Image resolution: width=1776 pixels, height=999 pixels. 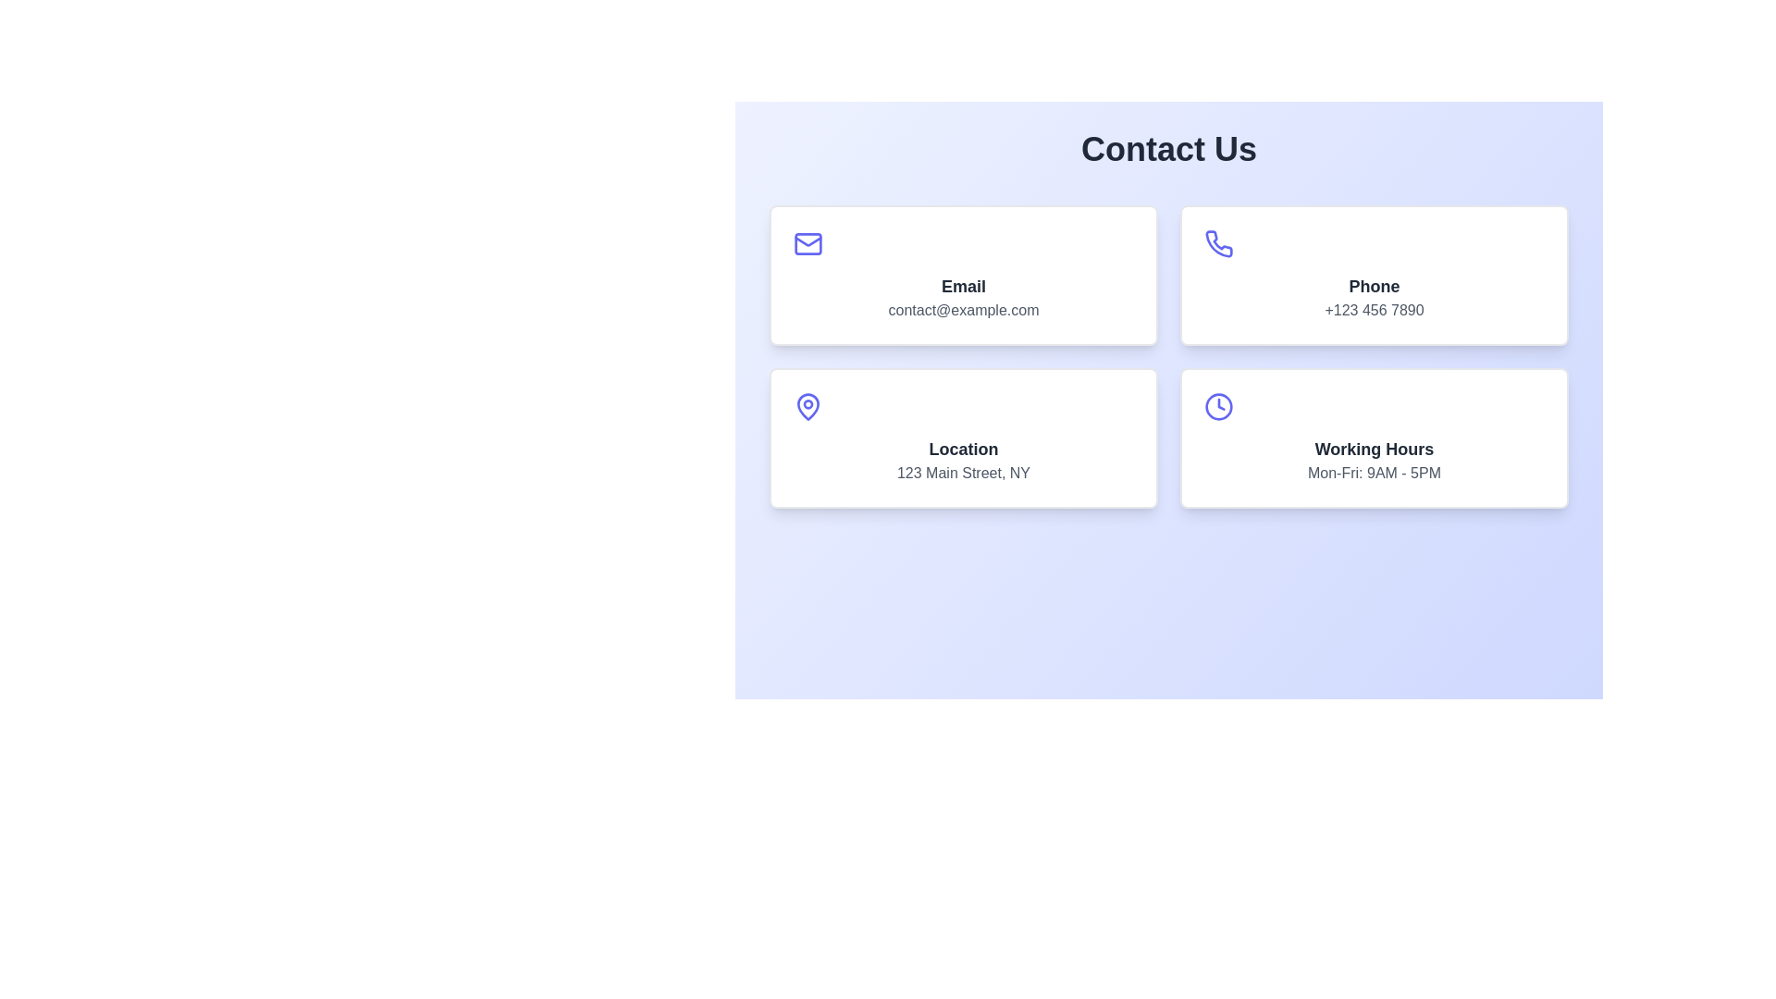 I want to click on the email communication icon located within the 'Email' card interface in the top-left quadrant, positioned above the text 'Email' and 'contact@example.com', so click(x=808, y=242).